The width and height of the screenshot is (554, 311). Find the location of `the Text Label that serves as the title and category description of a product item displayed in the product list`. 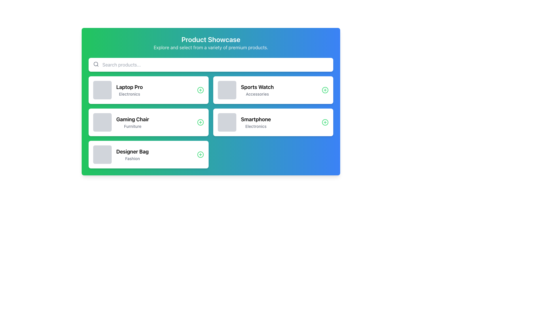

the Text Label that serves as the title and category description of a product item displayed in the product list is located at coordinates (121, 154).